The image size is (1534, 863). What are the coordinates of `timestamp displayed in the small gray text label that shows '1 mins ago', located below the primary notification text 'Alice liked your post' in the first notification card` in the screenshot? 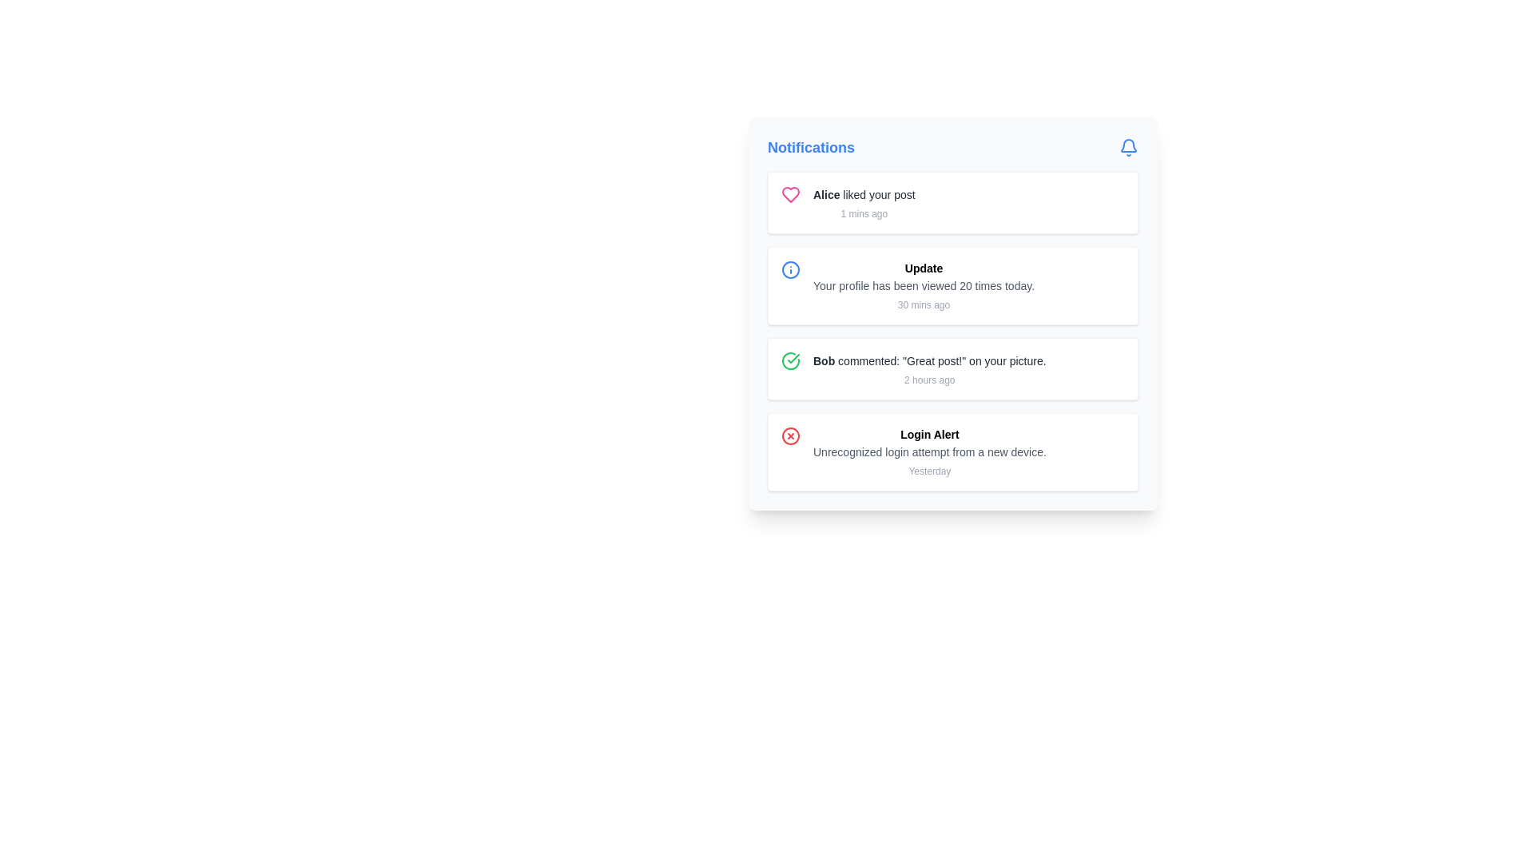 It's located at (863, 213).